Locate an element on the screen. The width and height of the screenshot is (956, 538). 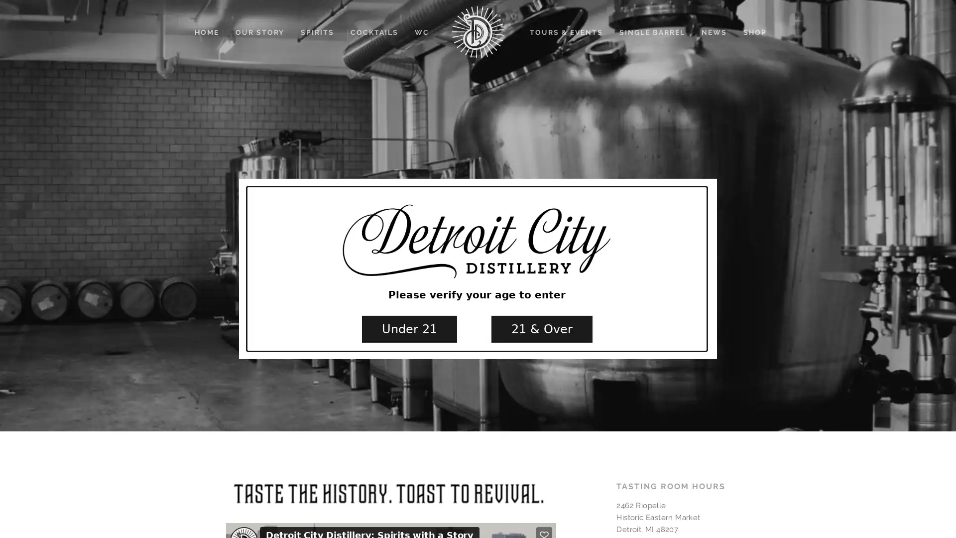
Under 21 is located at coordinates (409, 329).